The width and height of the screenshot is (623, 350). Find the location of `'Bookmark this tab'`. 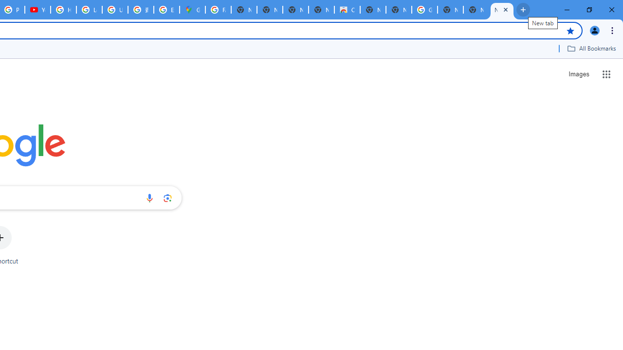

'Bookmark this tab' is located at coordinates (570, 30).